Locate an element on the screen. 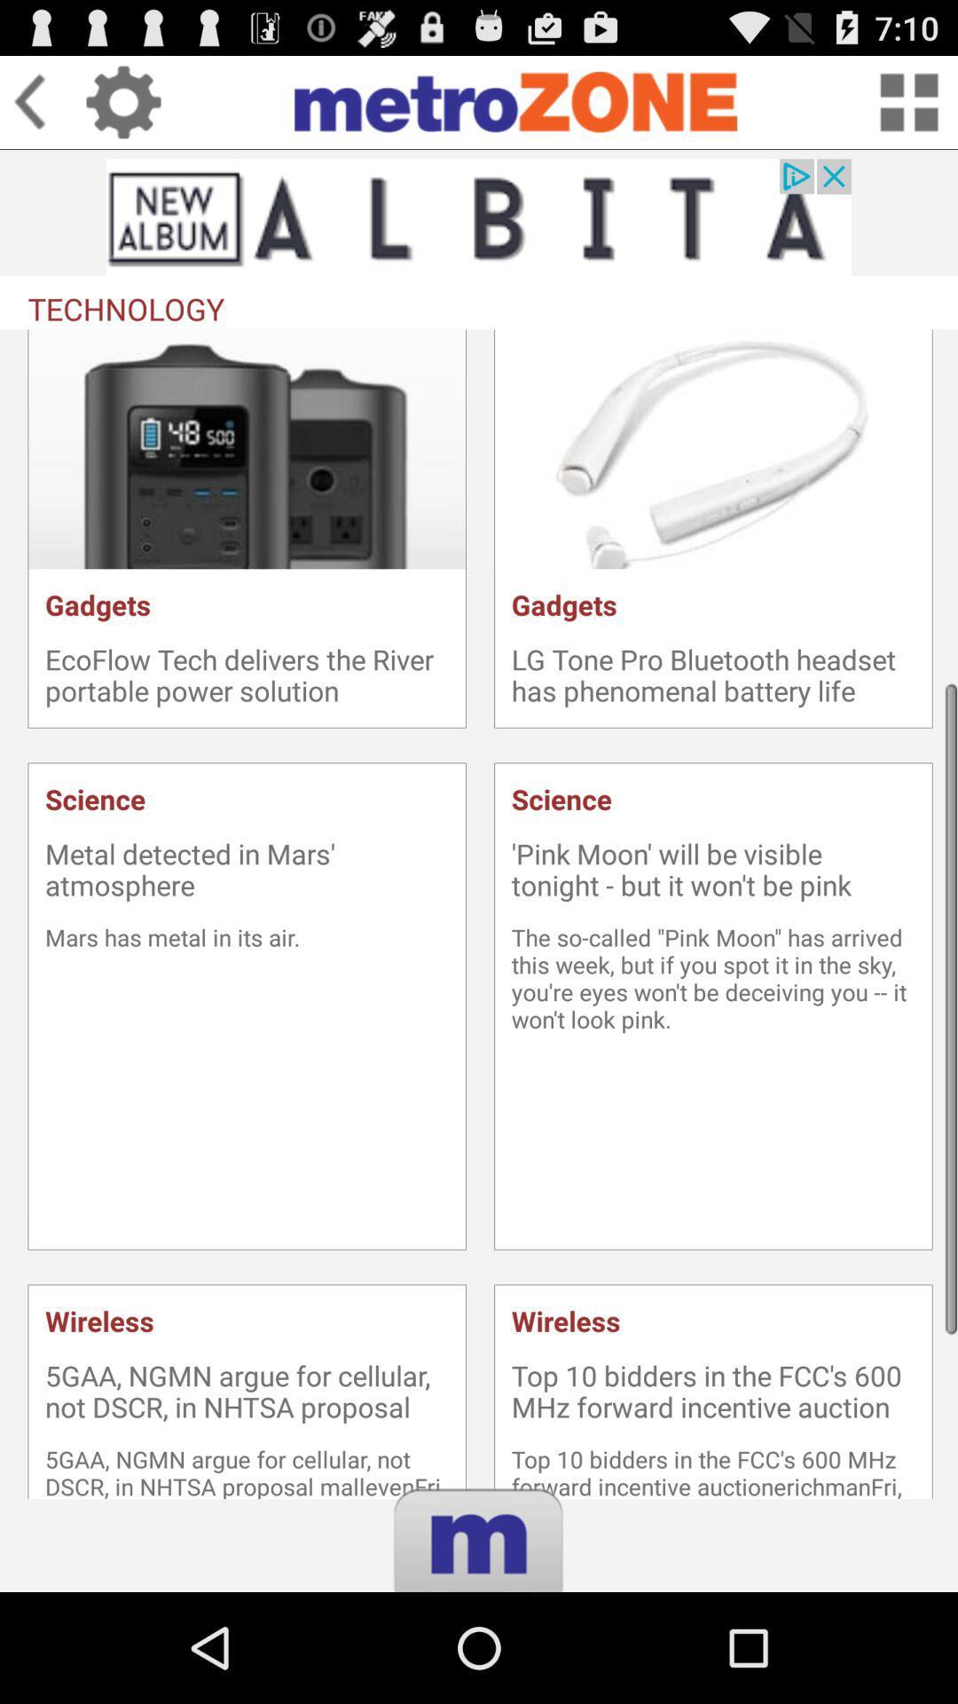 Image resolution: width=958 pixels, height=1704 pixels. the settings icon is located at coordinates (122, 108).